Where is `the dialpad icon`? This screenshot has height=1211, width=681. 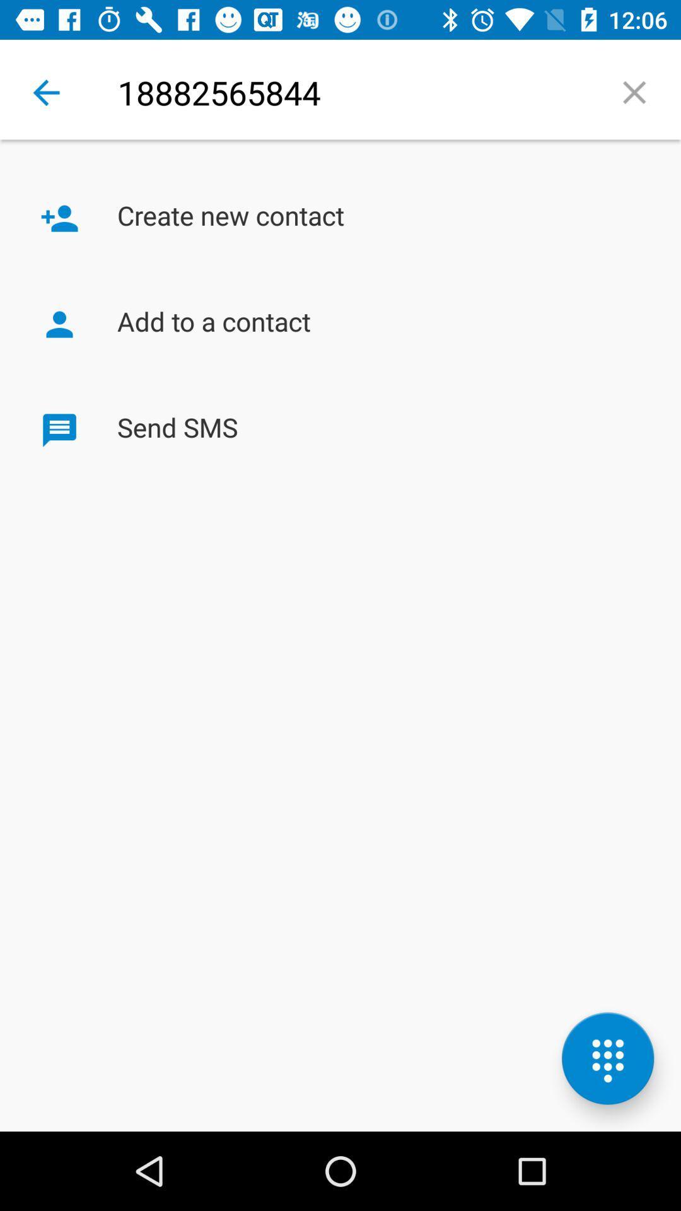
the dialpad icon is located at coordinates (607, 1058).